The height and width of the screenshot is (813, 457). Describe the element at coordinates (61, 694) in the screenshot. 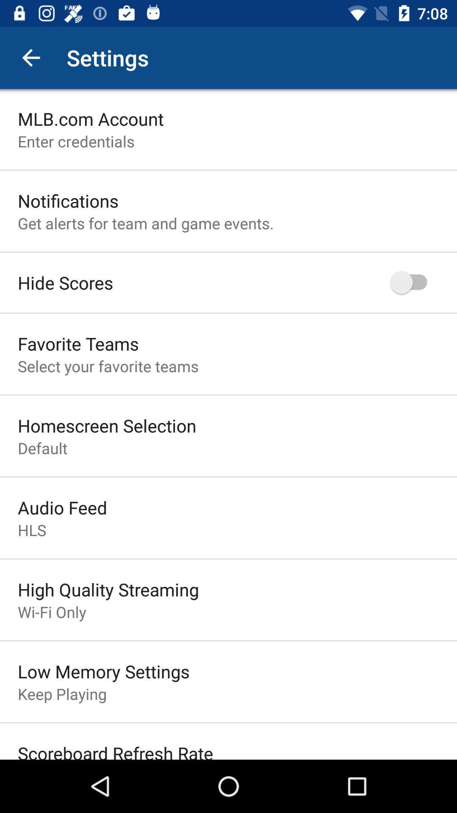

I see `keep playing icon` at that location.